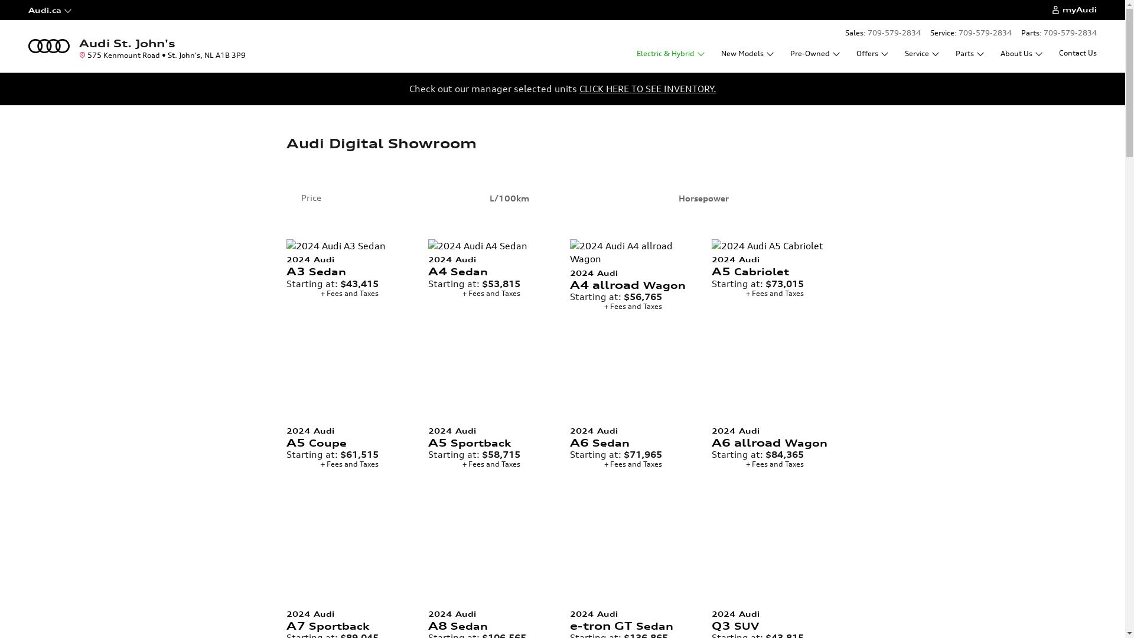 The width and height of the screenshot is (1134, 638). I want to click on '2024 Audi A4 Sedan ', so click(427, 245).